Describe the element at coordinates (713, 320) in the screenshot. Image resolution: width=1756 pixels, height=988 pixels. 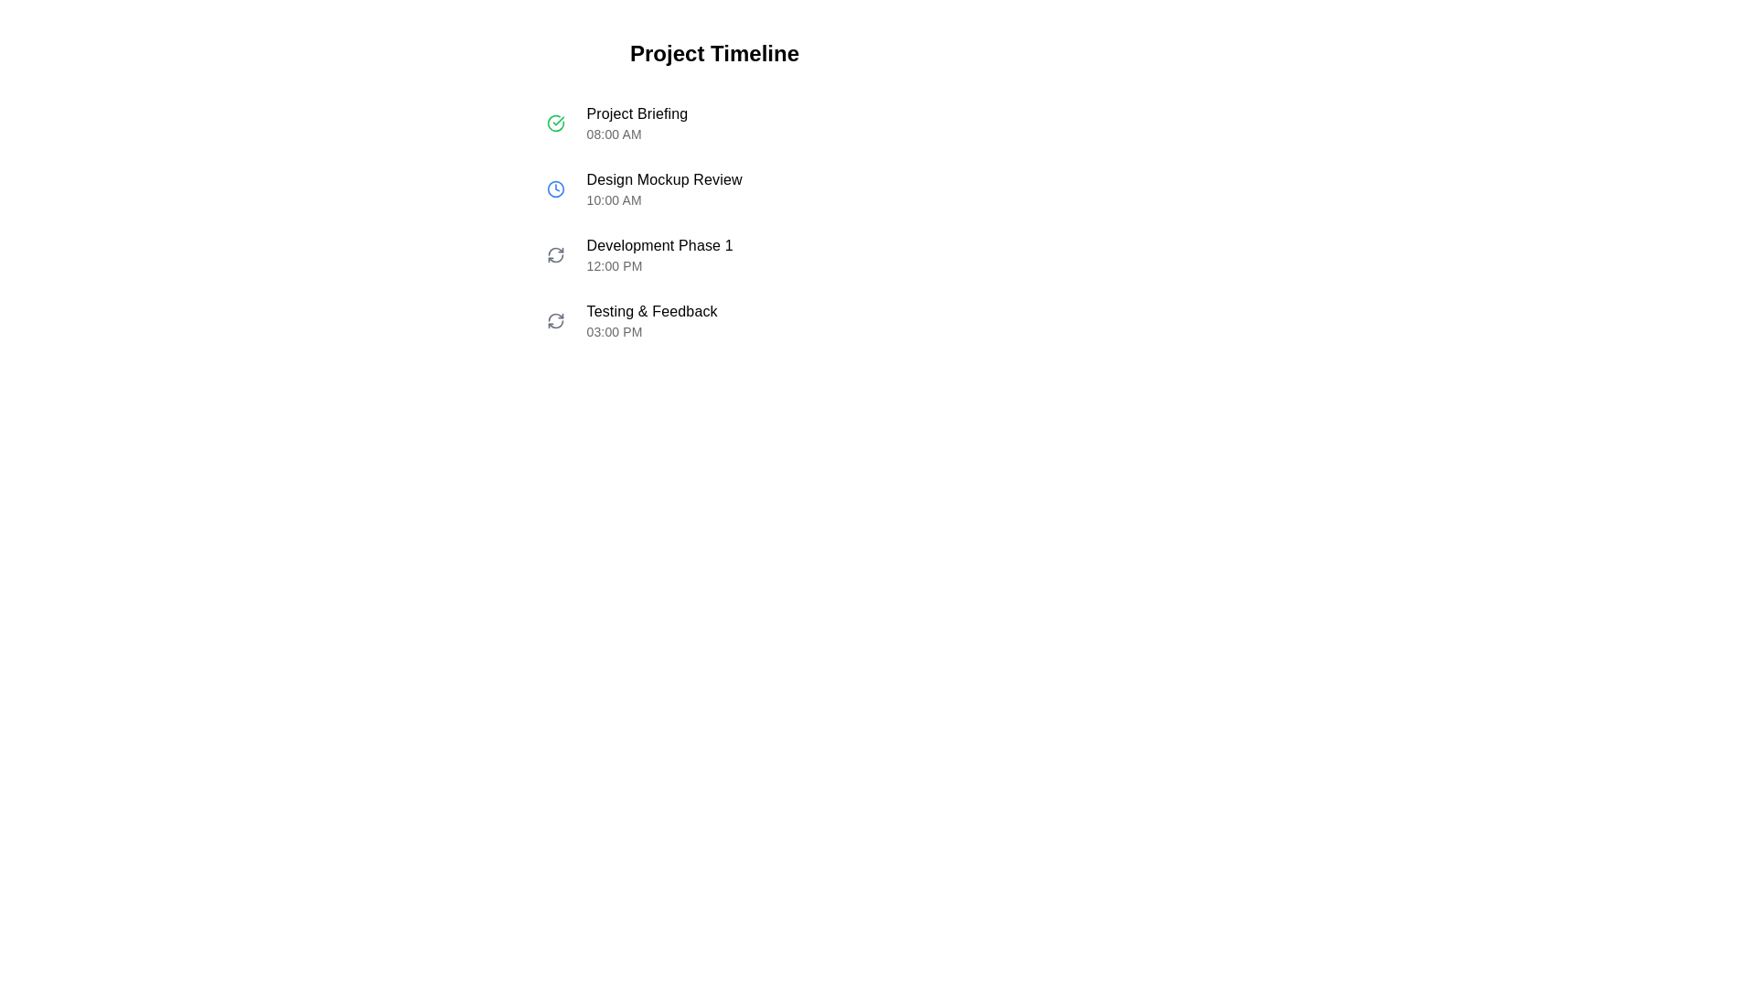
I see `the last item in the vertical list of events under the 'Project Timeline' section, which combines its title and scheduled time for display and informational purposes` at that location.